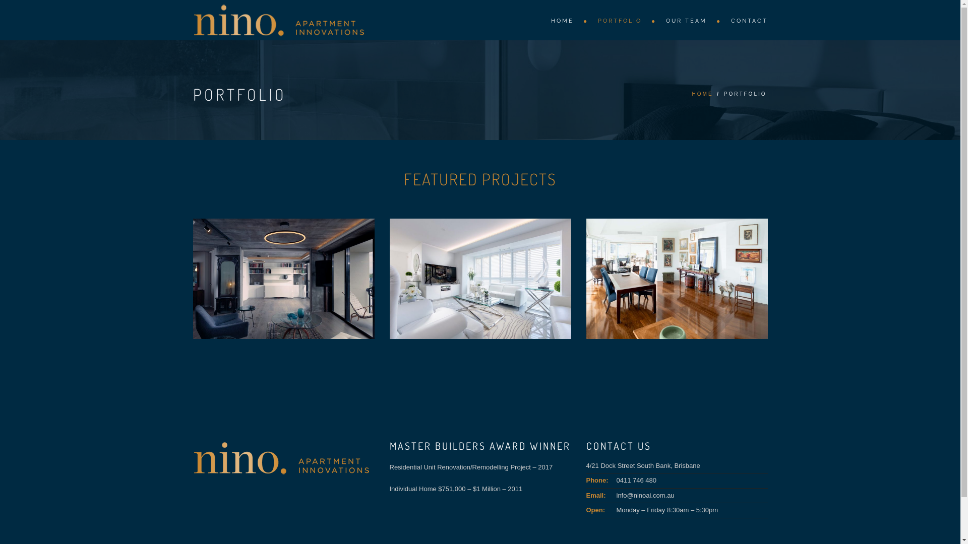 The width and height of the screenshot is (968, 544). What do you see at coordinates (644, 495) in the screenshot?
I see `'info@ninoai.com.au'` at bounding box center [644, 495].